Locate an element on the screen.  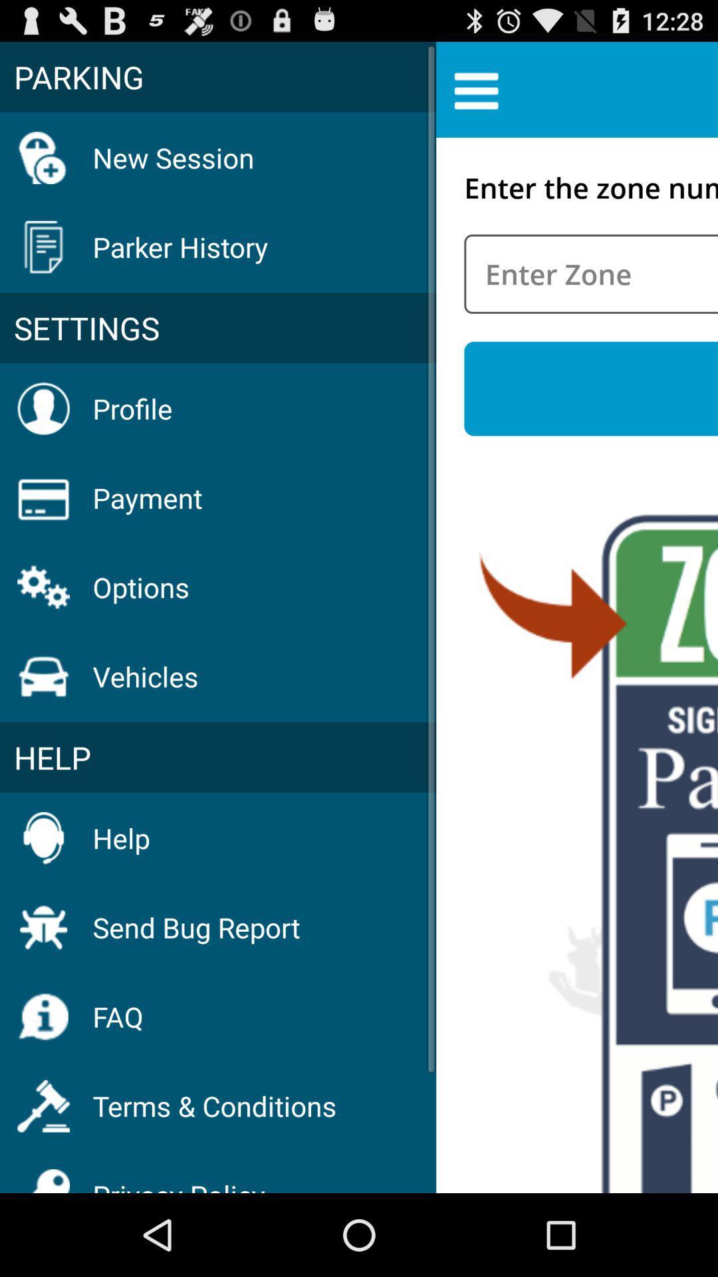
icon below help icon is located at coordinates (196, 926).